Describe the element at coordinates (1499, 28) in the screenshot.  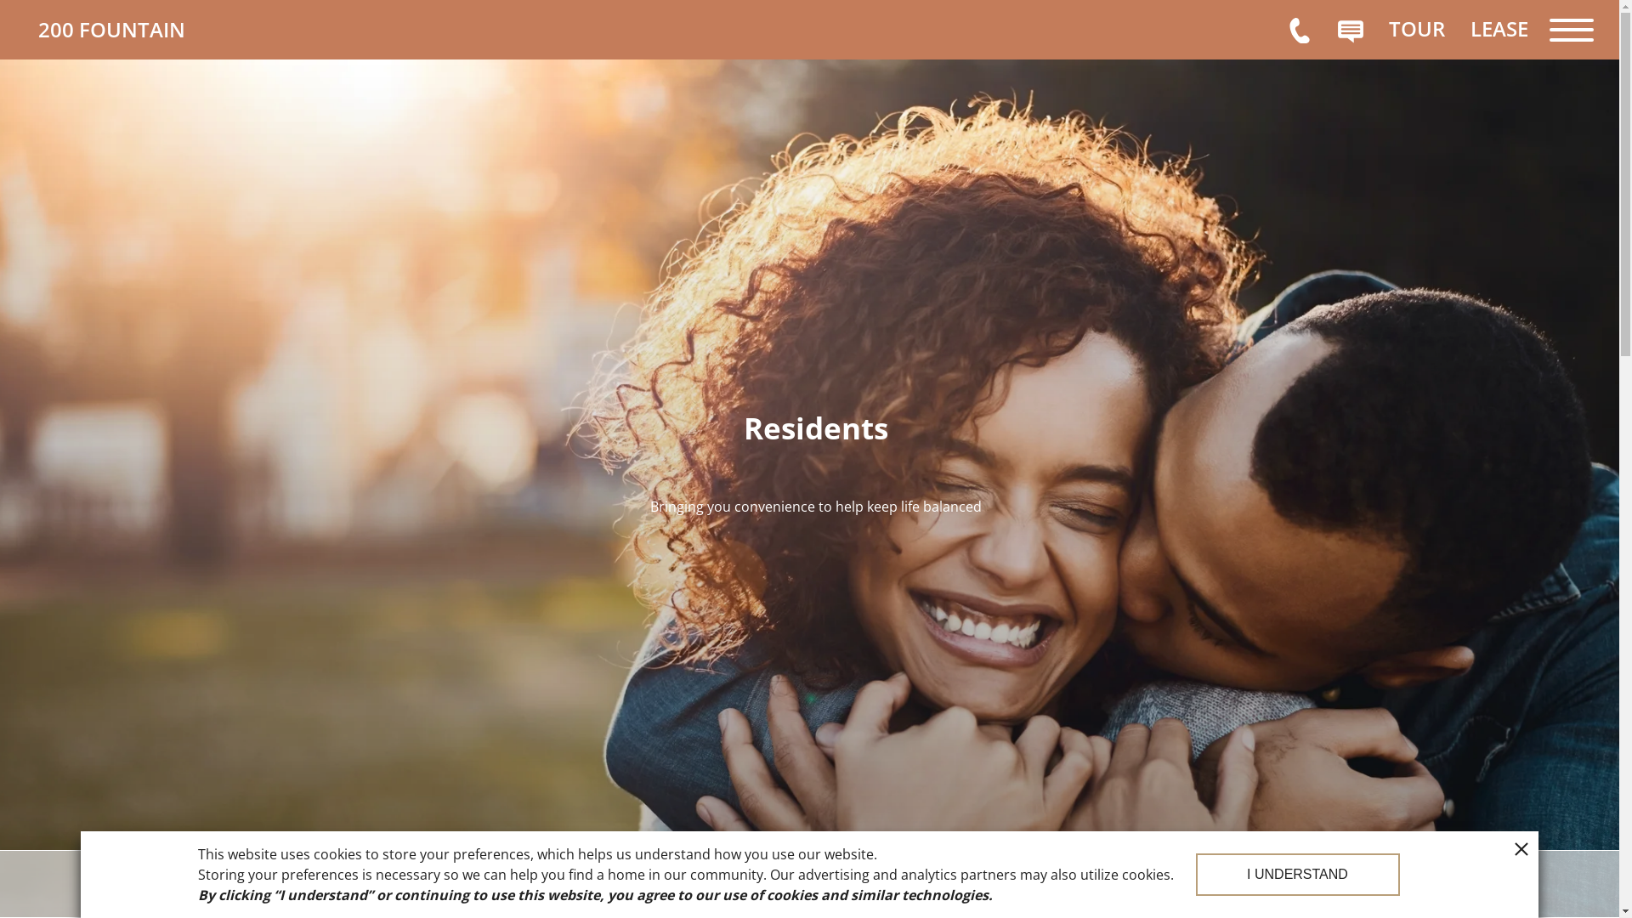
I see `'LEASE'` at that location.